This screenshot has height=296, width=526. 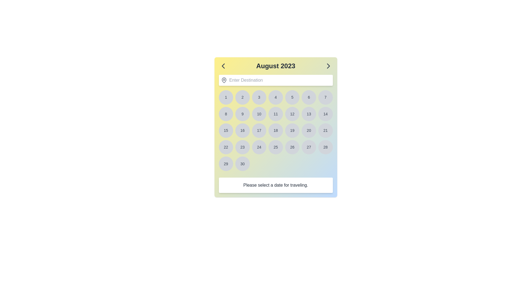 I want to click on the circular button with a light gray background displaying the number '29', so click(x=226, y=163).